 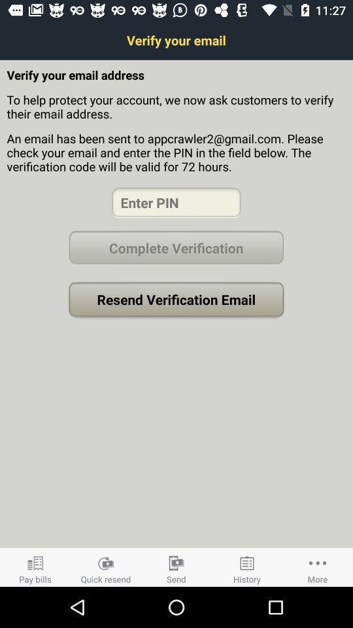 I want to click on the complete verification item, so click(x=176, y=247).